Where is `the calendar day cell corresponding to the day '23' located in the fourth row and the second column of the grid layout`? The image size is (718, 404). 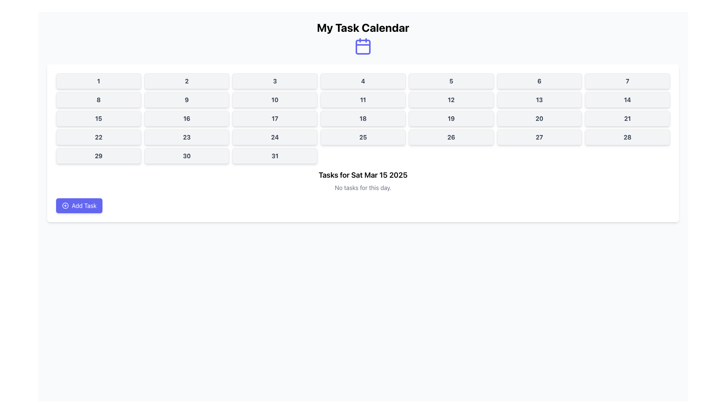 the calendar day cell corresponding to the day '23' located in the fourth row and the second column of the grid layout is located at coordinates (187, 137).